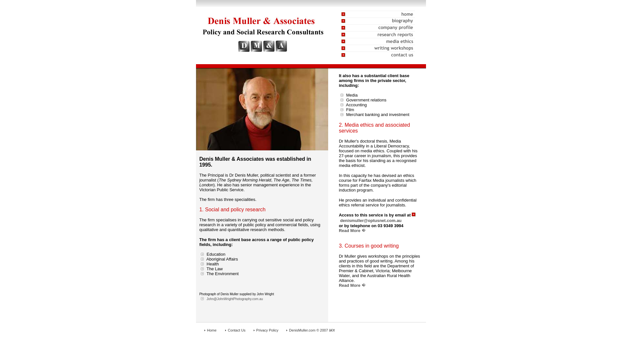 The width and height of the screenshot is (622, 350). Describe the element at coordinates (349, 283) in the screenshot. I see `'` at that location.